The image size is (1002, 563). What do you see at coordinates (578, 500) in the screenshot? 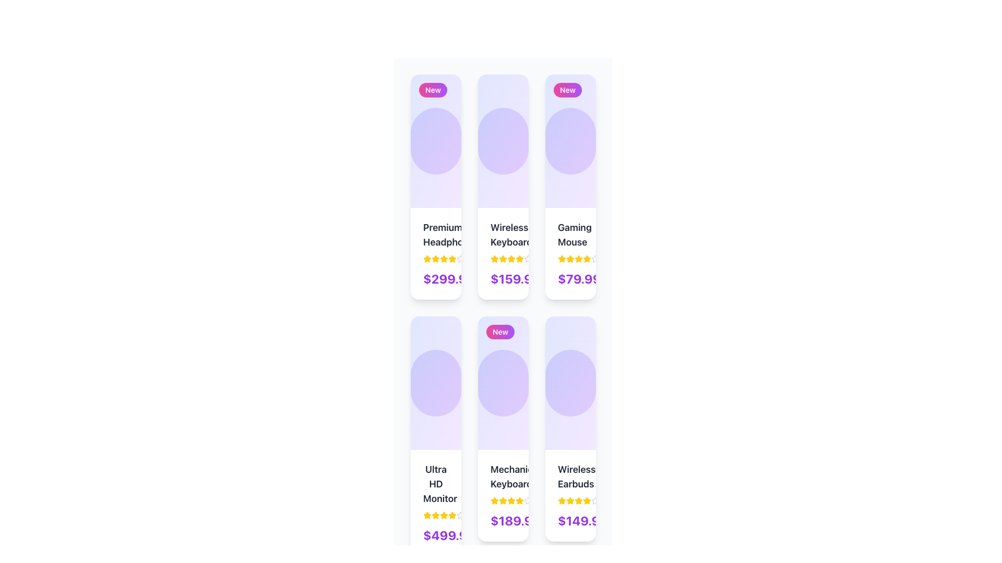
I see `the third star icon in the rating system representing 'Wireless Earbuds'` at bounding box center [578, 500].